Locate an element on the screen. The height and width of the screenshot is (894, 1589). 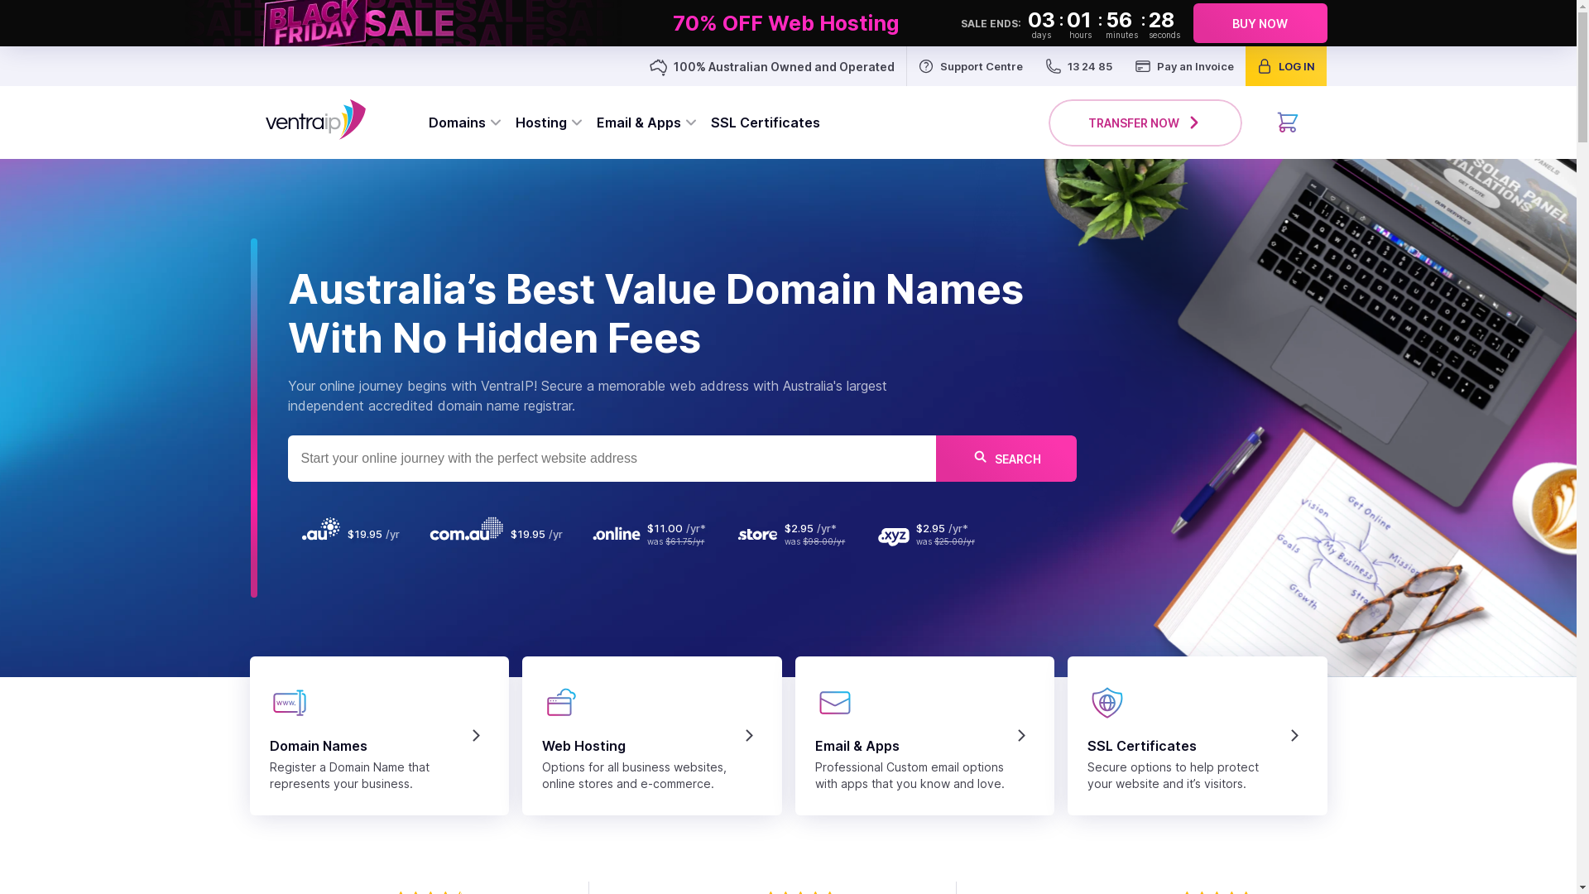
'SSL Certificates' is located at coordinates (763, 121).